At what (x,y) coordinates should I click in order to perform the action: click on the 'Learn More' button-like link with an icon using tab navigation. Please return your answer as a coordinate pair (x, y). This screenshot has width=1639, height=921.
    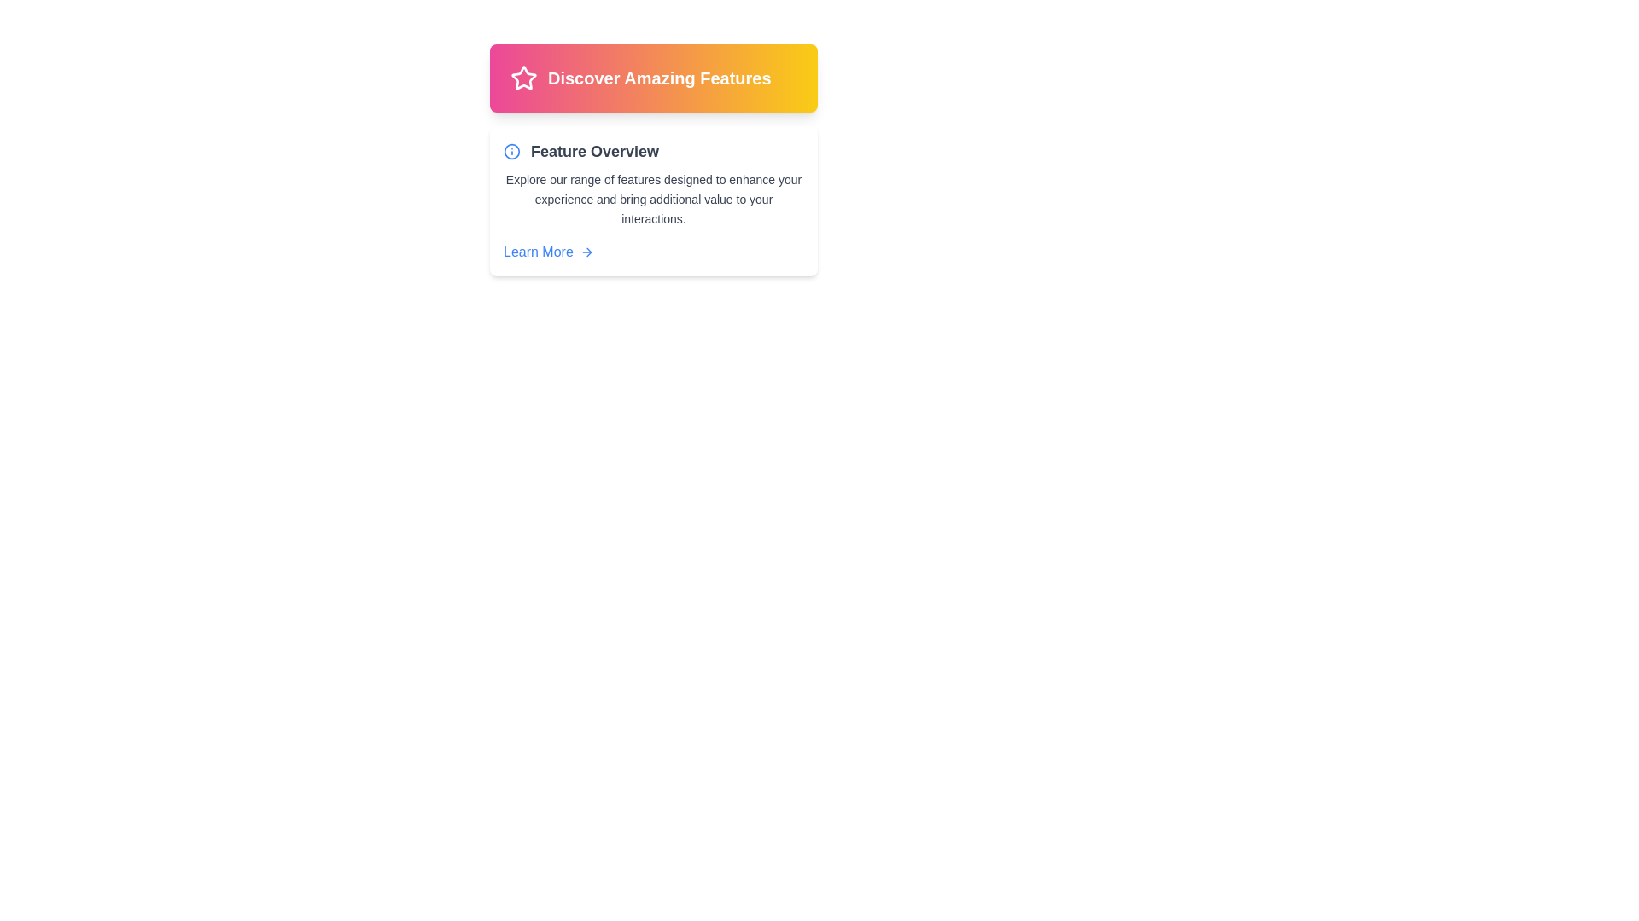
    Looking at the image, I should click on (548, 252).